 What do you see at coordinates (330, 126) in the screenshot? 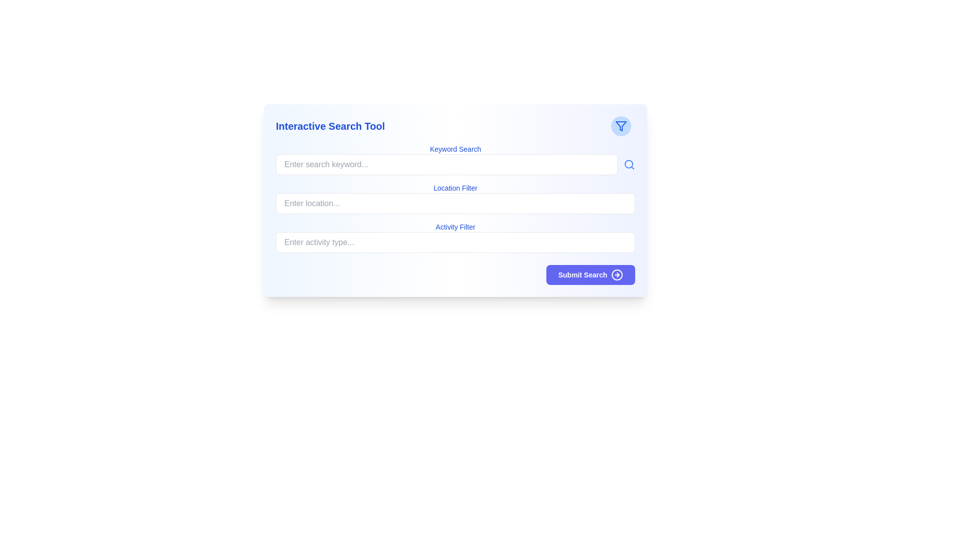
I see `the 'Interactive Search Tool' title` at bounding box center [330, 126].